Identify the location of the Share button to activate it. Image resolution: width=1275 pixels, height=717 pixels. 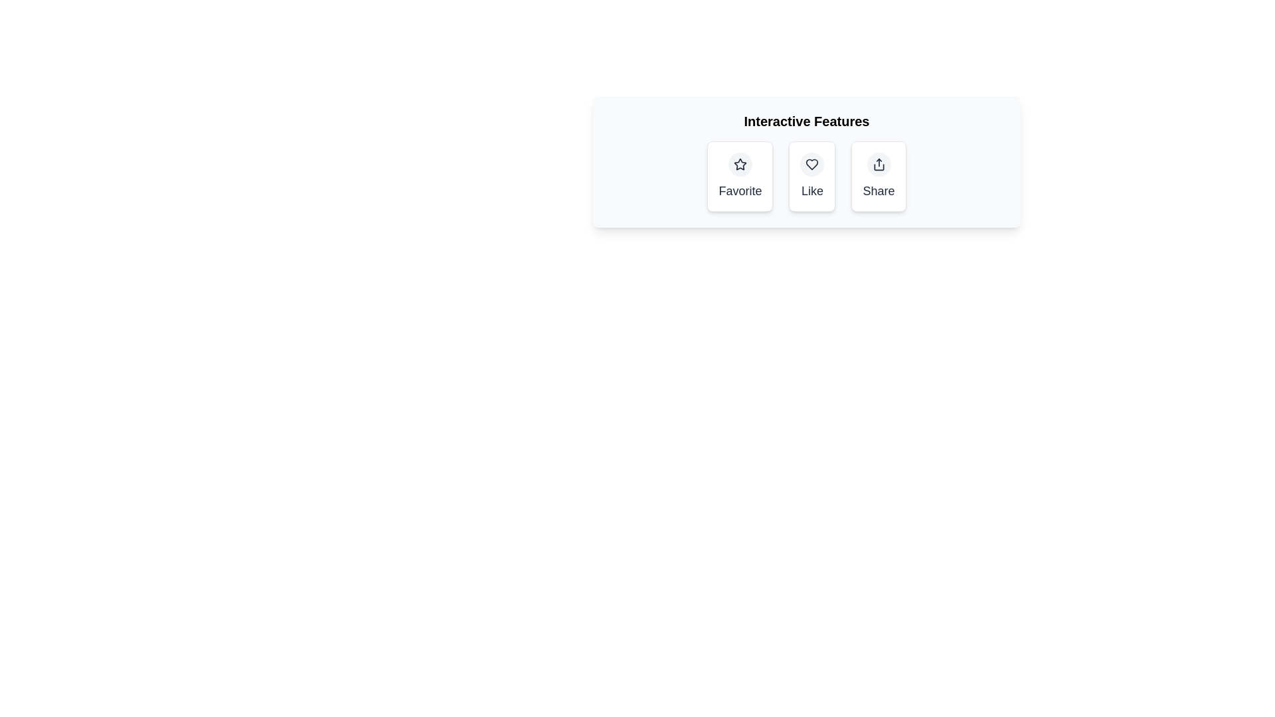
(879, 176).